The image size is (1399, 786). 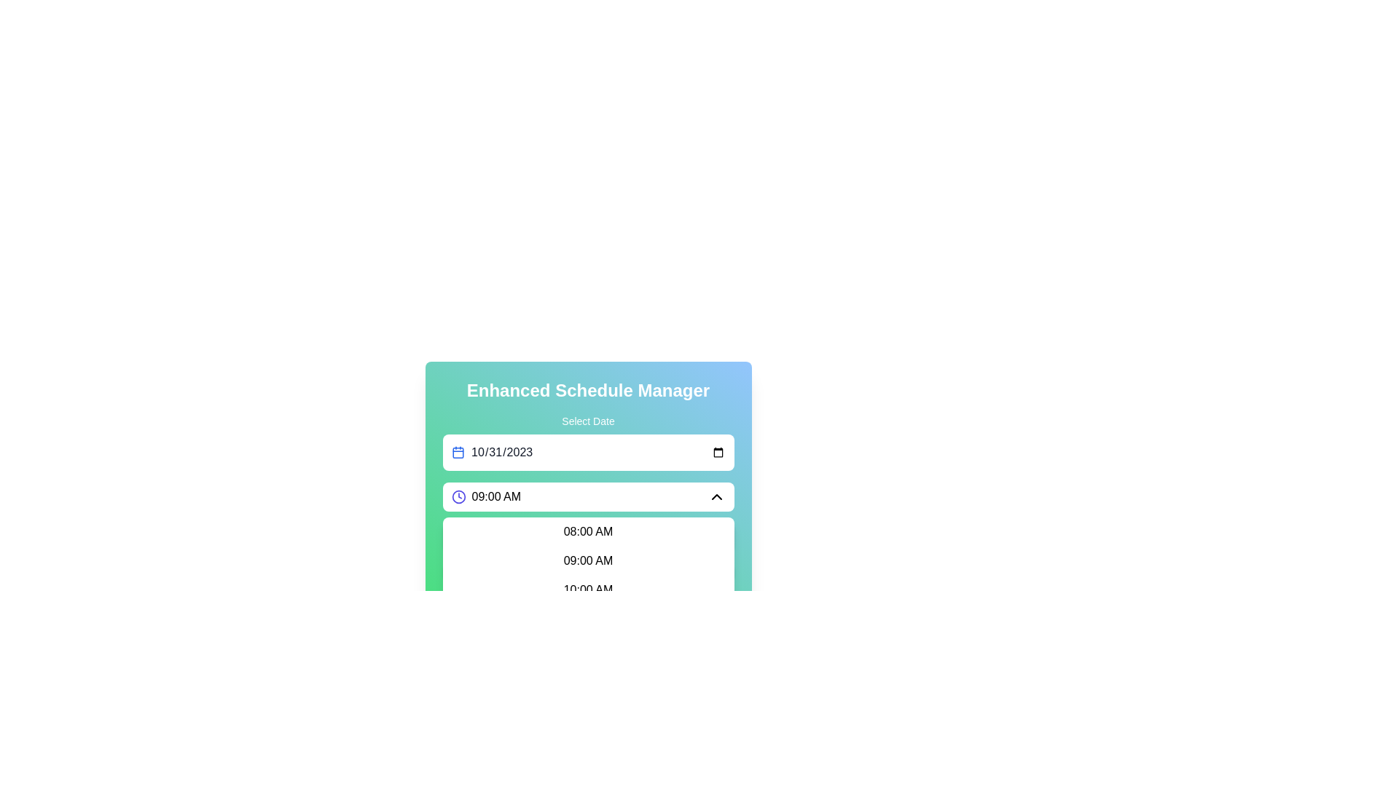 What do you see at coordinates (588, 589) in the screenshot?
I see `the time option '10:00 AM' in the dropdown menu that appears below the '09:00 AM' input field, which is the third option in a list of five time options` at bounding box center [588, 589].